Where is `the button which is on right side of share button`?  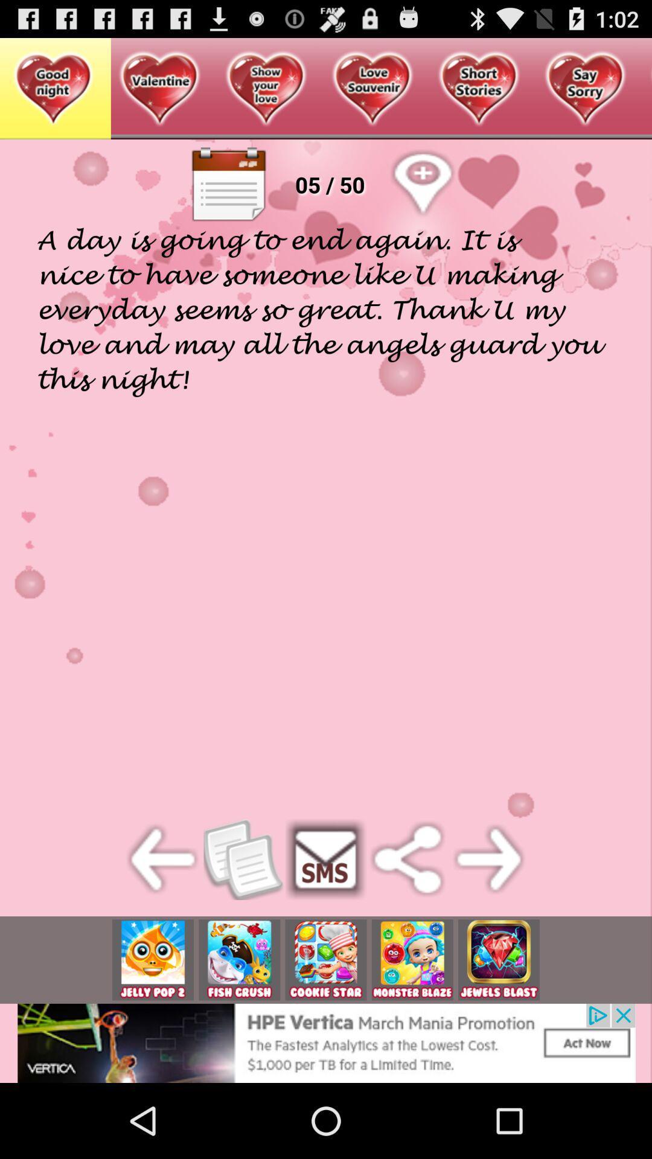
the button which is on right side of share button is located at coordinates (489, 859).